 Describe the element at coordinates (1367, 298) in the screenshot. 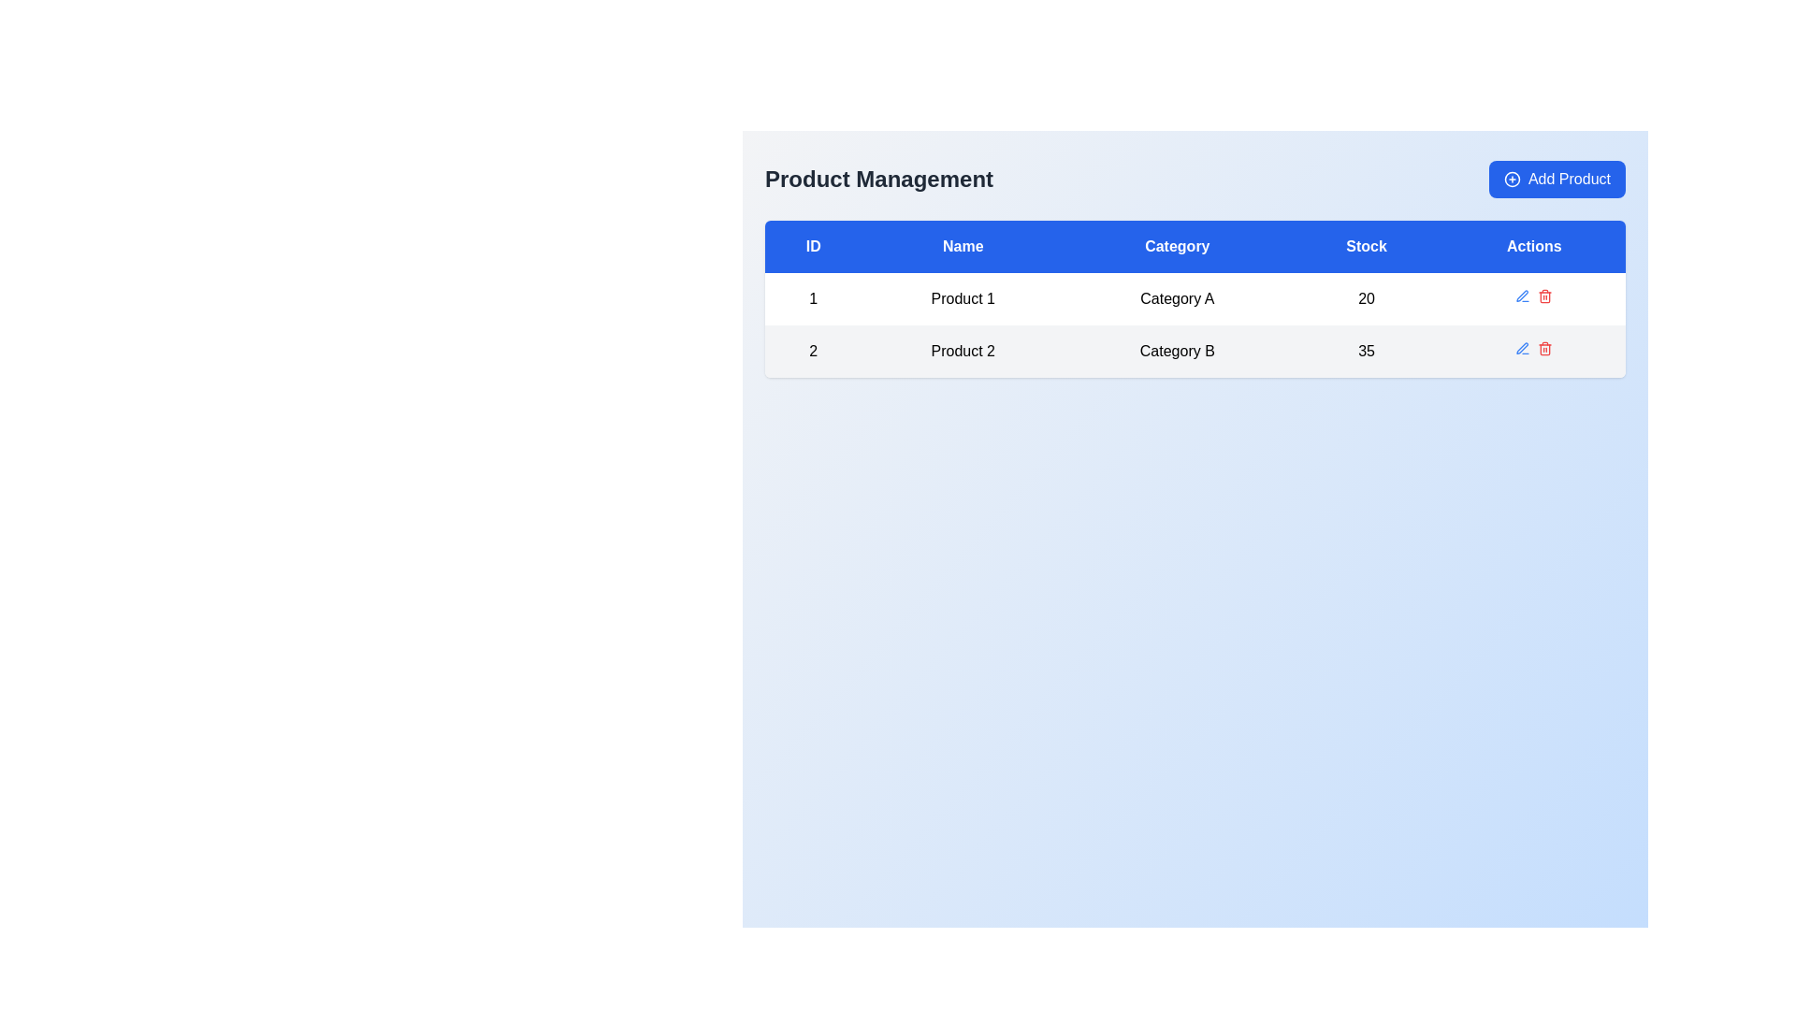

I see `static text value '20' located in the fourth column of the first data row under the 'Stock' header in the table` at that location.